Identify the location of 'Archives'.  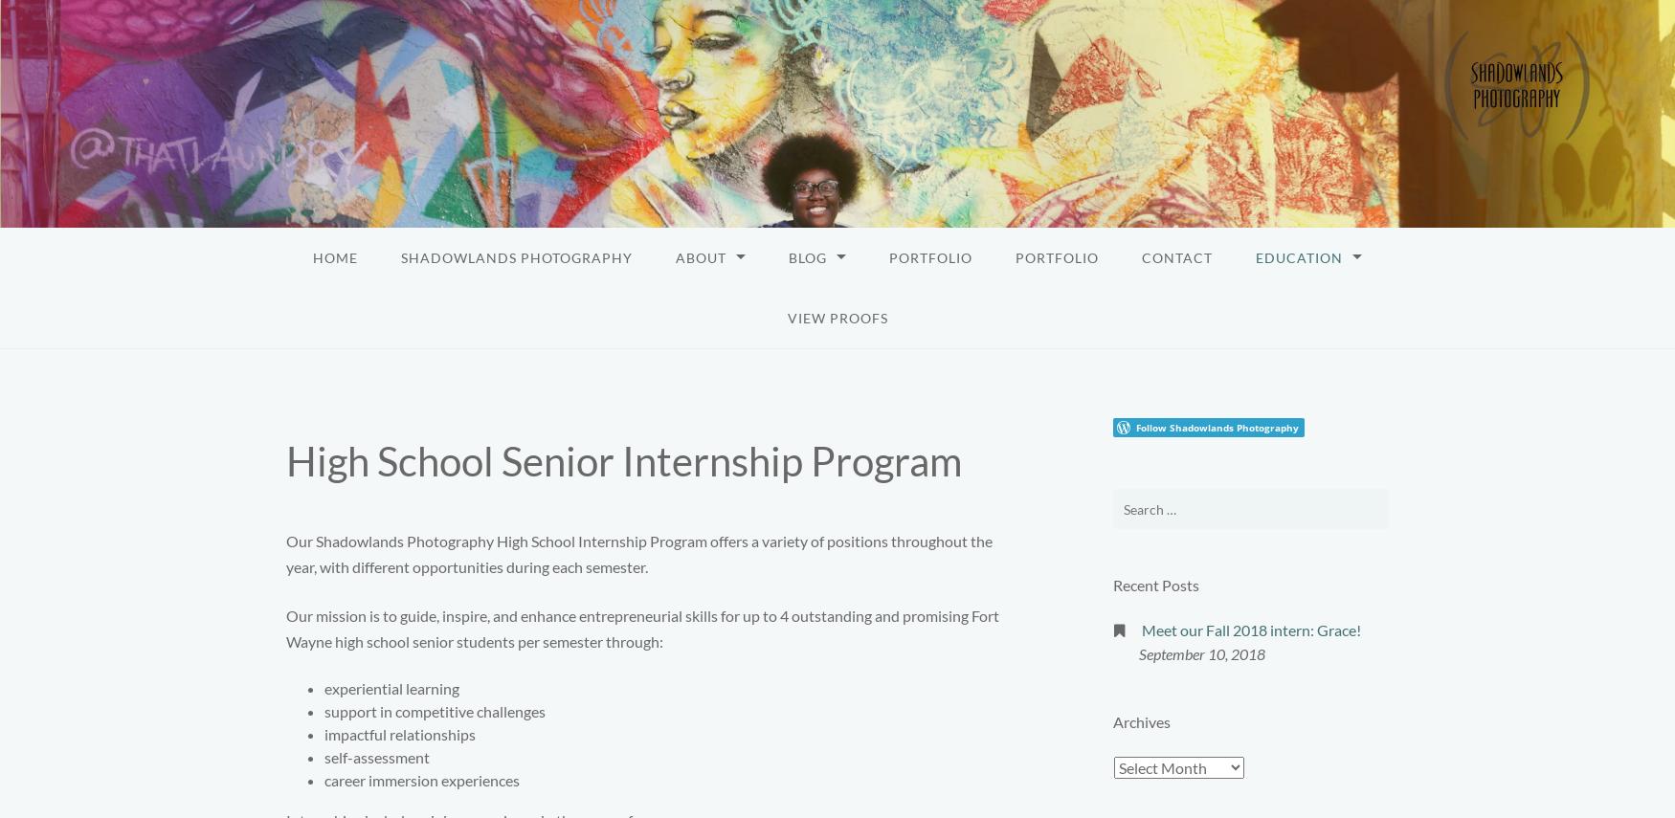
(1112, 721).